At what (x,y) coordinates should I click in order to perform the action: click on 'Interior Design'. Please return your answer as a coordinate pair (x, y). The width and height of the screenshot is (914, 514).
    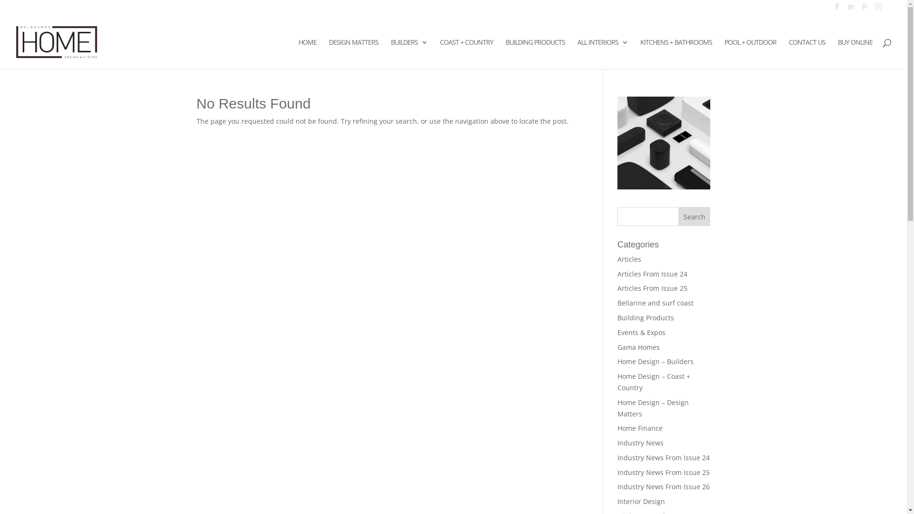
    Looking at the image, I should click on (641, 501).